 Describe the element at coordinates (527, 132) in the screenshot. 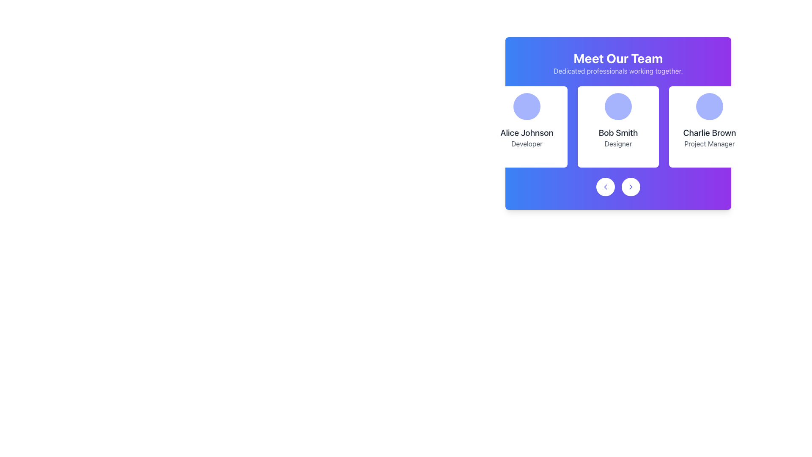

I see `the static text label displaying 'Alice Johnson' in bold, larger font, located within a white rounded-corner card` at that location.